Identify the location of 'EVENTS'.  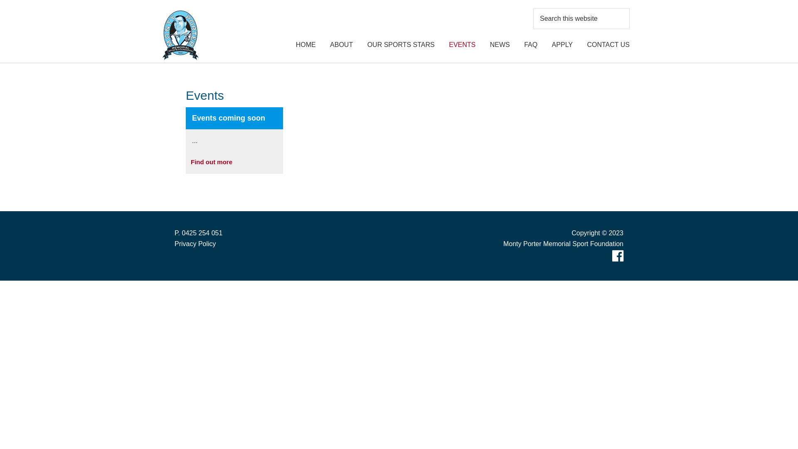
(442, 45).